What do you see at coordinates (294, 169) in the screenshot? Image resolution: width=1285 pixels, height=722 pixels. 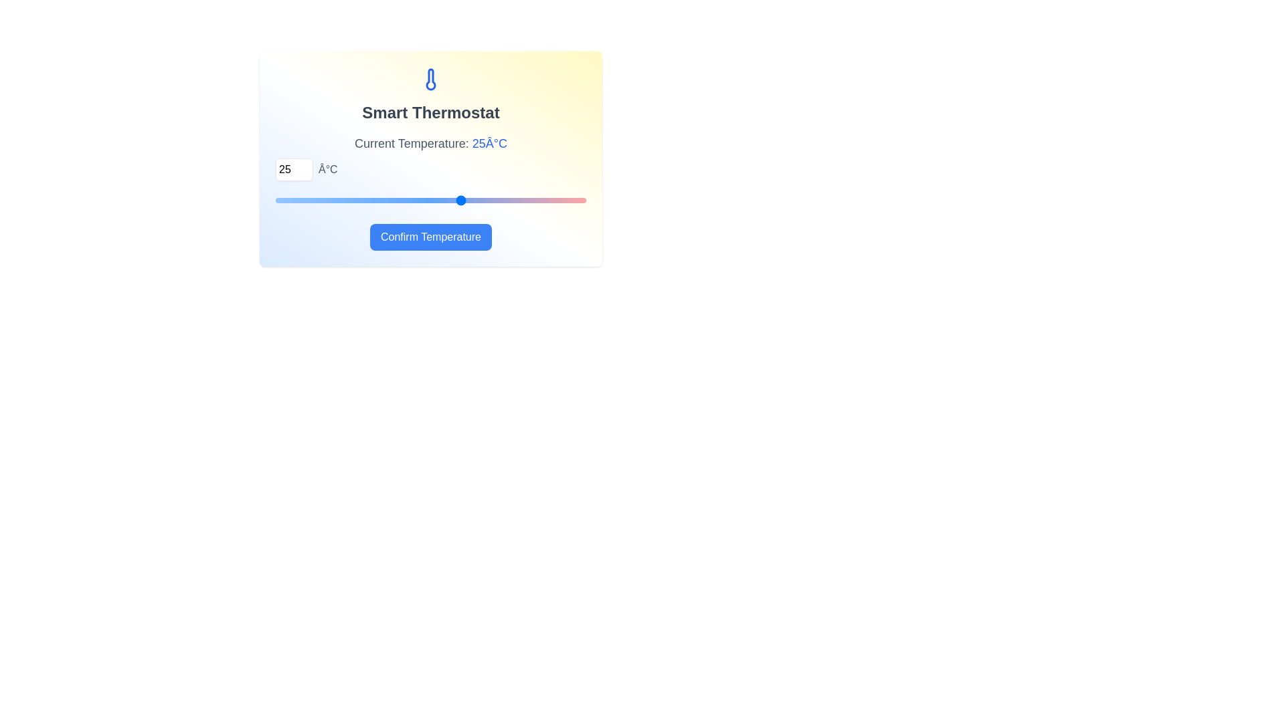 I see `the temperature to 17°C using the input field` at bounding box center [294, 169].